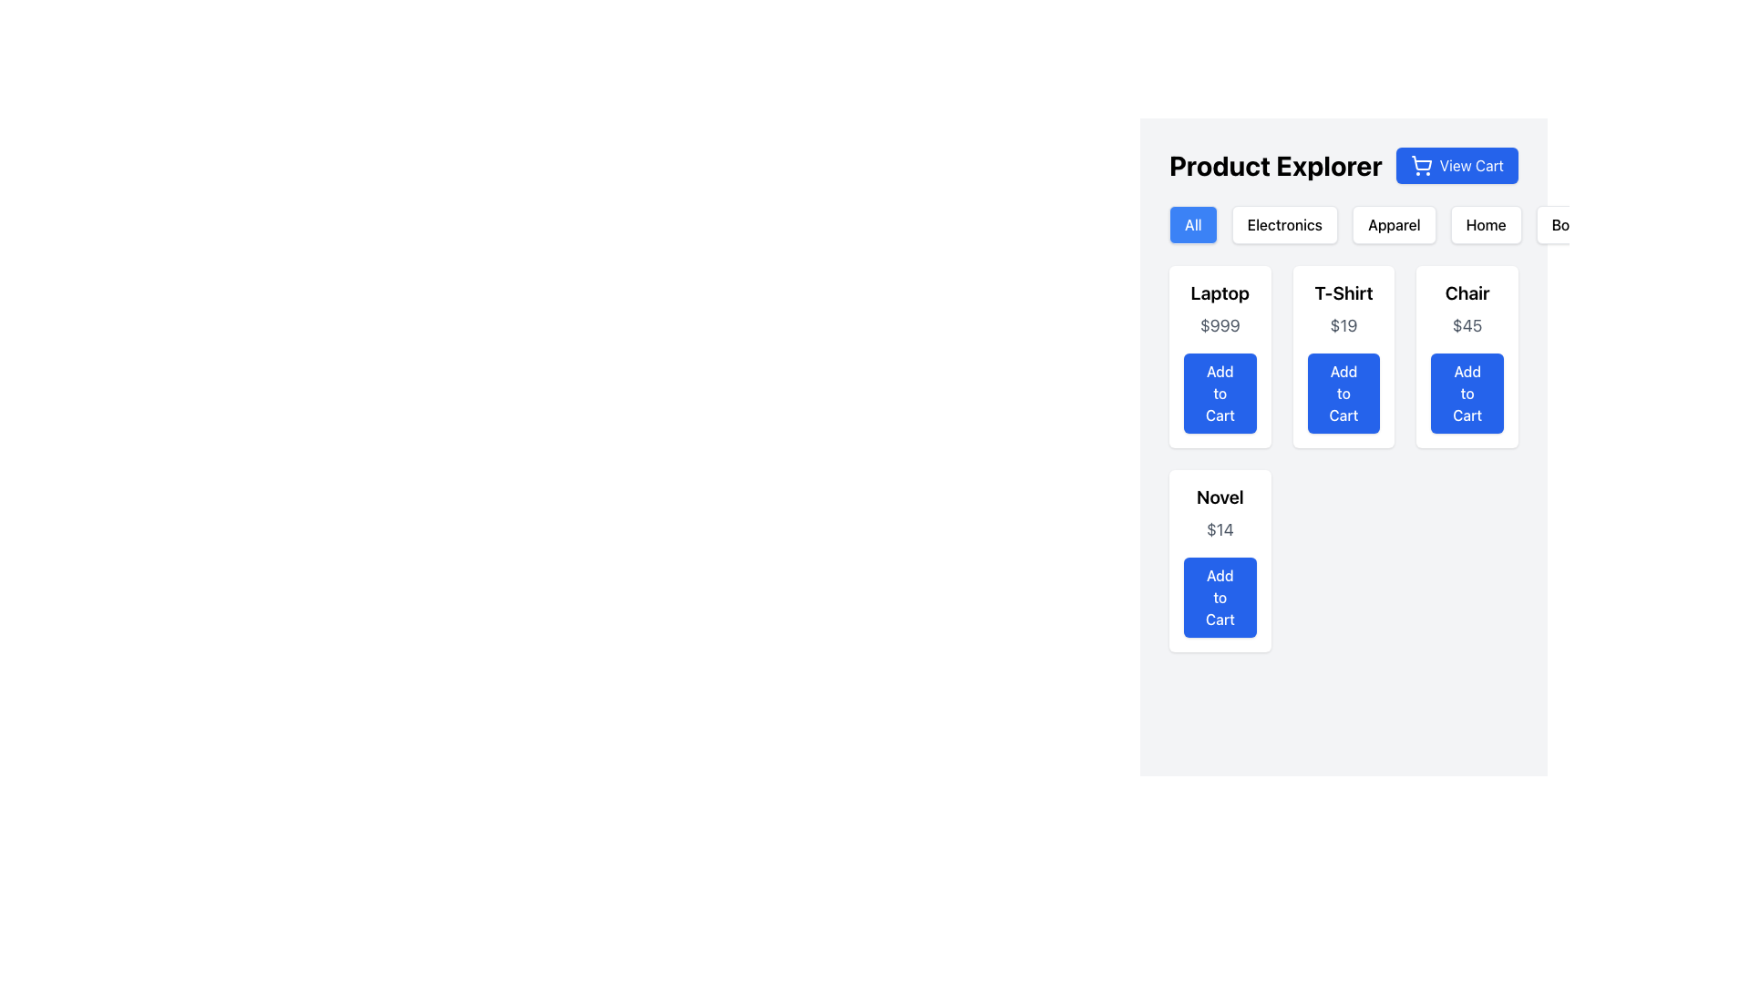 Image resolution: width=1750 pixels, height=984 pixels. I want to click on product name 'T-Shirt' displayed in the text label located in the second column of the grid under the 'Product Explorer' section, specifically above the '$19' text and 'Add to Cart' button, so click(1343, 292).